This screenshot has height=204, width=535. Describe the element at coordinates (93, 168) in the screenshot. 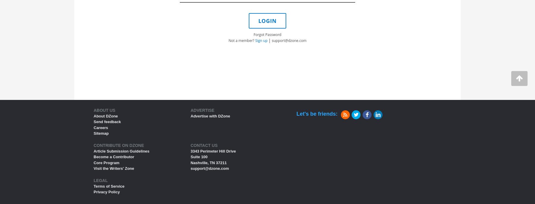

I see `'Visit the Writers' Zone'` at that location.